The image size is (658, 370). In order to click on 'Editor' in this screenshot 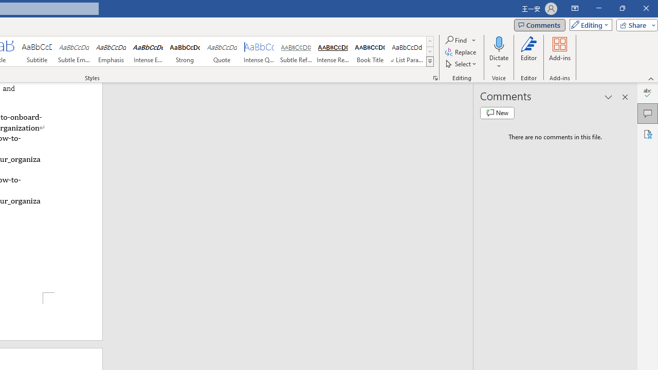, I will do `click(529, 53)`.